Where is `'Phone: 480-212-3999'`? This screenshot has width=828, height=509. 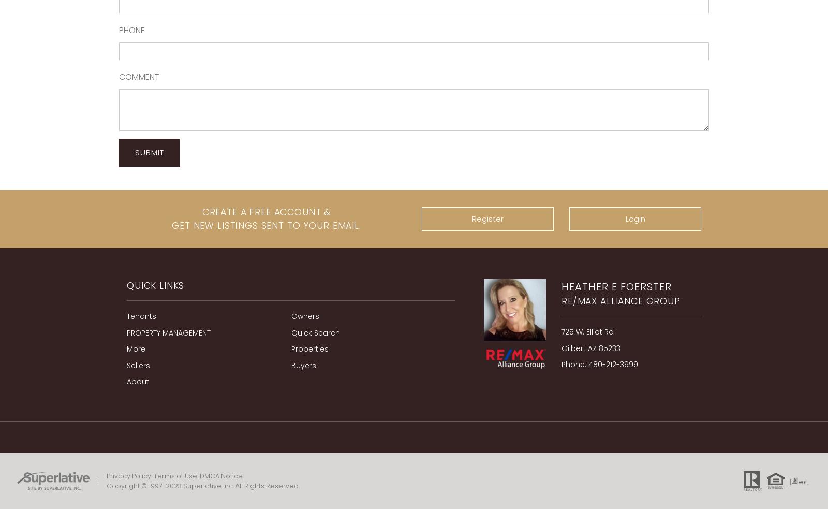
'Phone: 480-212-3999' is located at coordinates (600, 364).